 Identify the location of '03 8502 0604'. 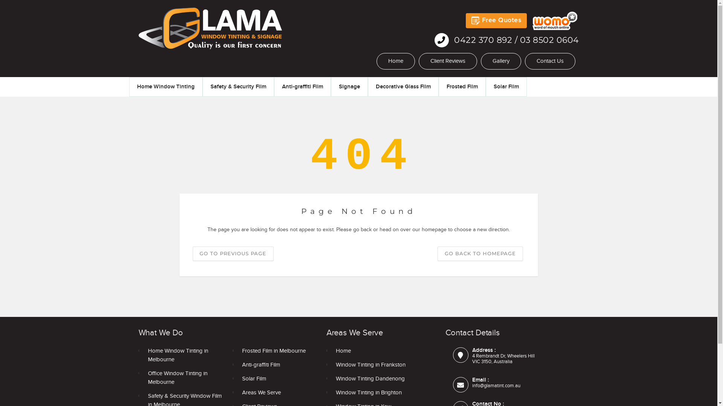
(549, 40).